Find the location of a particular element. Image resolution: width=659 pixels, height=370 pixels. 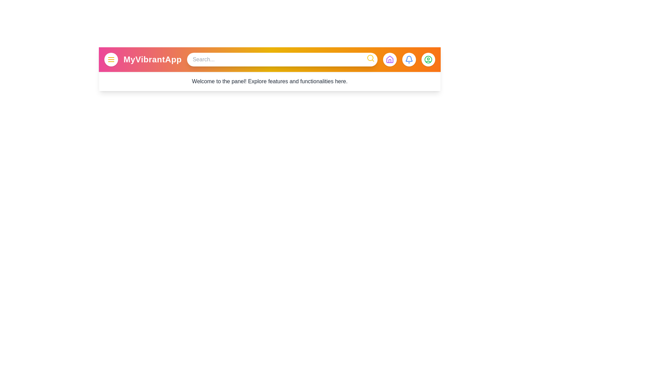

the menu button to open the navigation panel is located at coordinates (111, 59).